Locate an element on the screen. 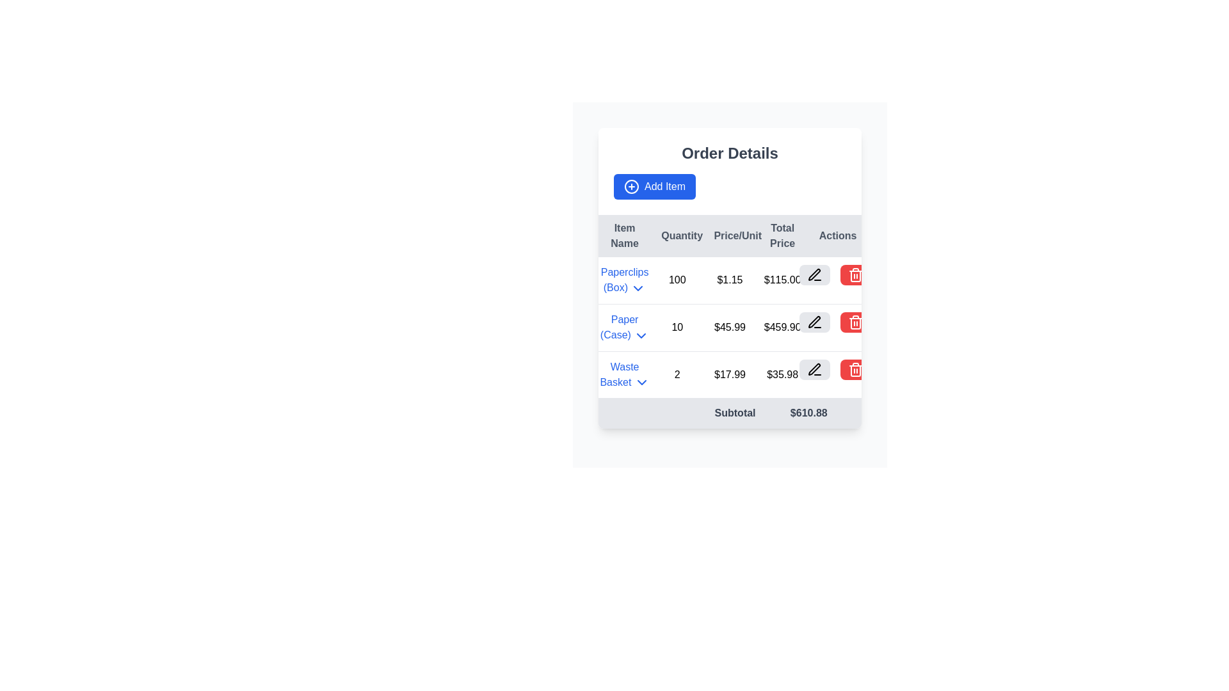  the 'Actions' header label in the table, which is the last element in the row with a bold dark gray font on a light gray background is located at coordinates (835, 236).